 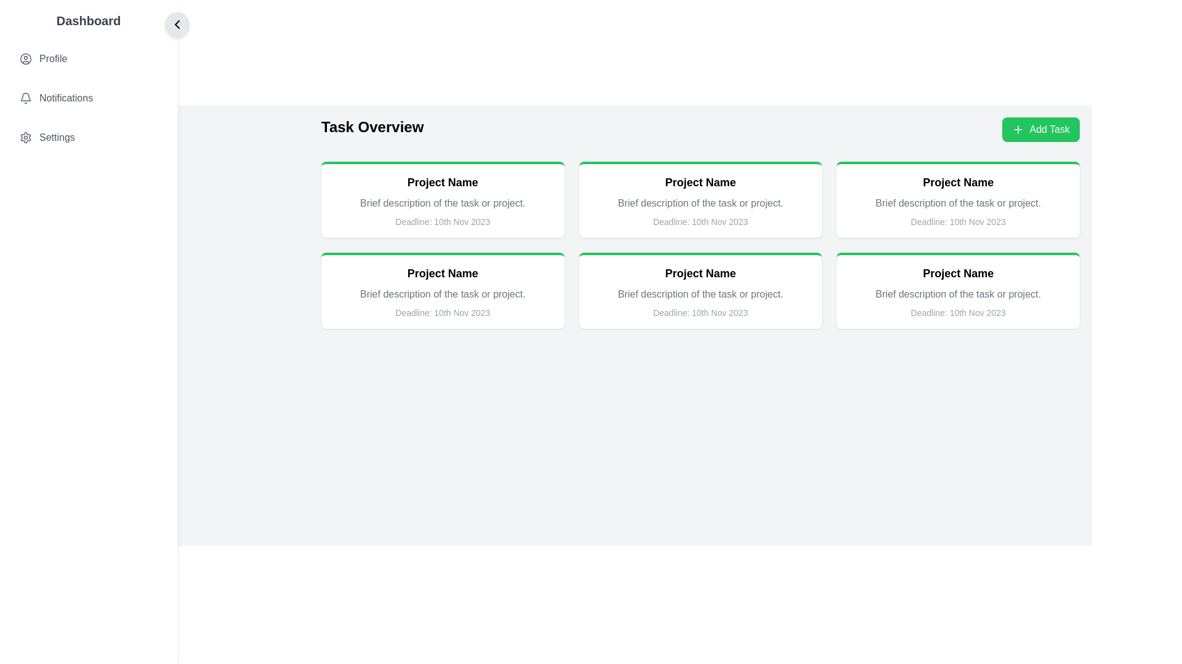 What do you see at coordinates (957, 183) in the screenshot?
I see `the Text label that serves as a title or header for the card, which is positioned at the top of the card in the top-right corner among a grid of similar cards` at bounding box center [957, 183].